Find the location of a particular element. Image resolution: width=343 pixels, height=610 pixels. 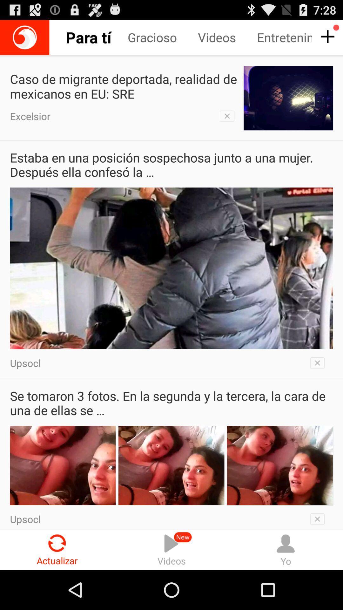

logo and could be home button also is located at coordinates (24, 37).